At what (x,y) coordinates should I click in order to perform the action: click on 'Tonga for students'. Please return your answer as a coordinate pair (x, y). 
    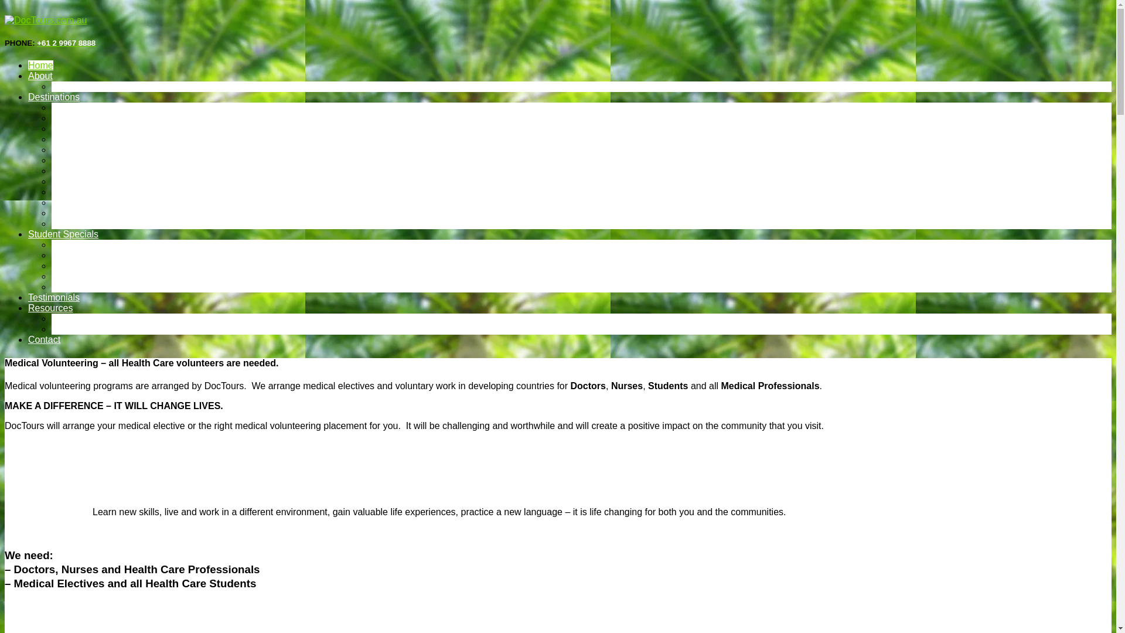
    Looking at the image, I should click on (89, 276).